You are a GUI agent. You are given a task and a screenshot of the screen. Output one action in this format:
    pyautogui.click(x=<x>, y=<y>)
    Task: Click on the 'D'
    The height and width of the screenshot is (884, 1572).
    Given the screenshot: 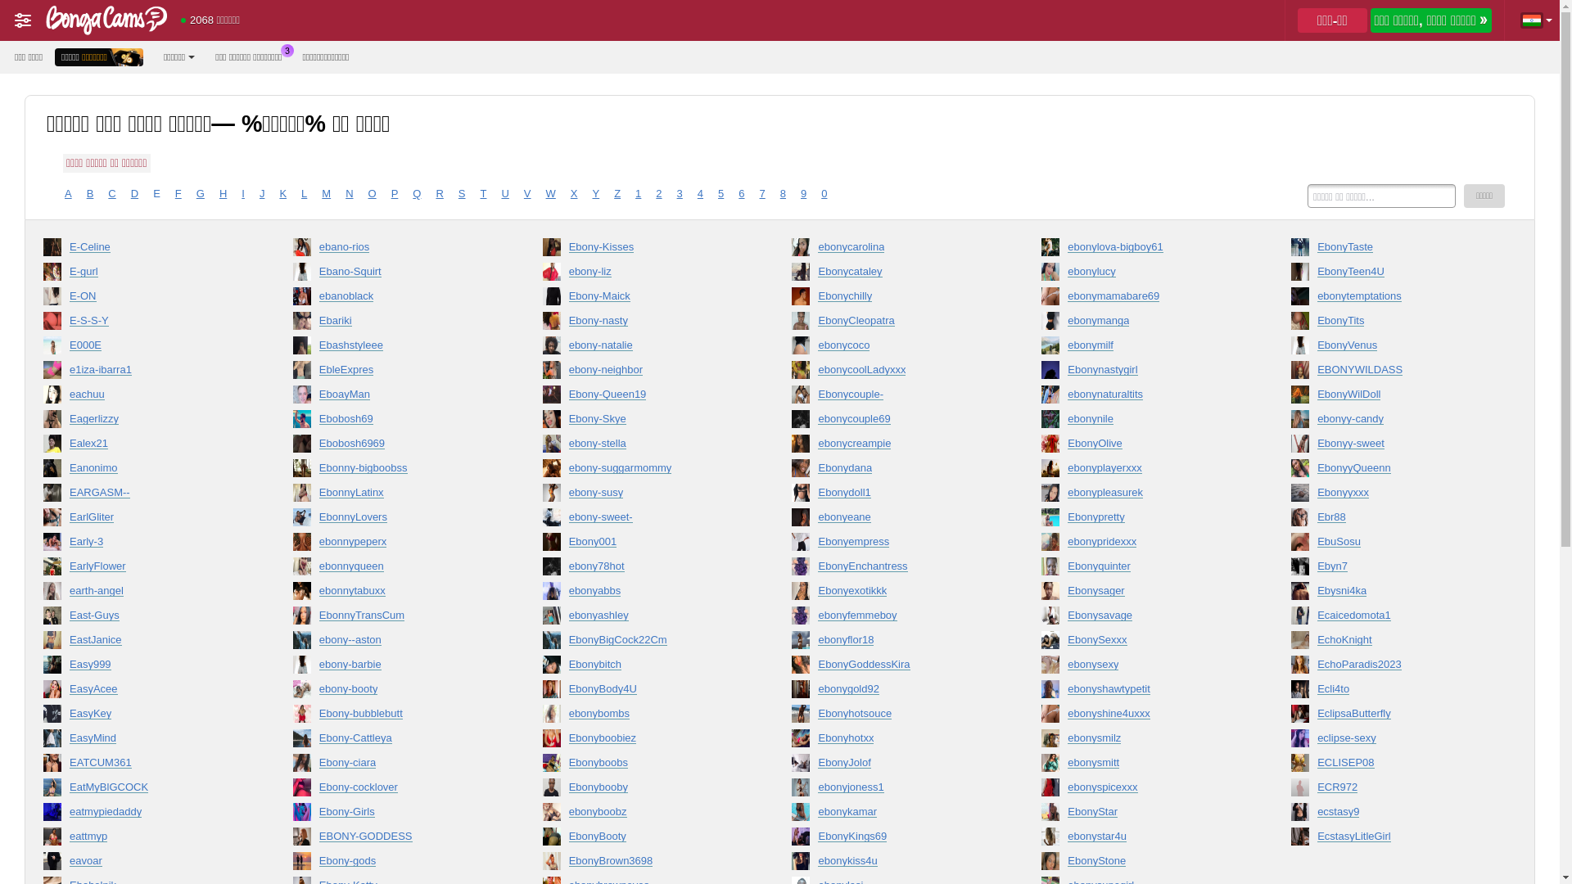 What is the action you would take?
    pyautogui.click(x=134, y=192)
    